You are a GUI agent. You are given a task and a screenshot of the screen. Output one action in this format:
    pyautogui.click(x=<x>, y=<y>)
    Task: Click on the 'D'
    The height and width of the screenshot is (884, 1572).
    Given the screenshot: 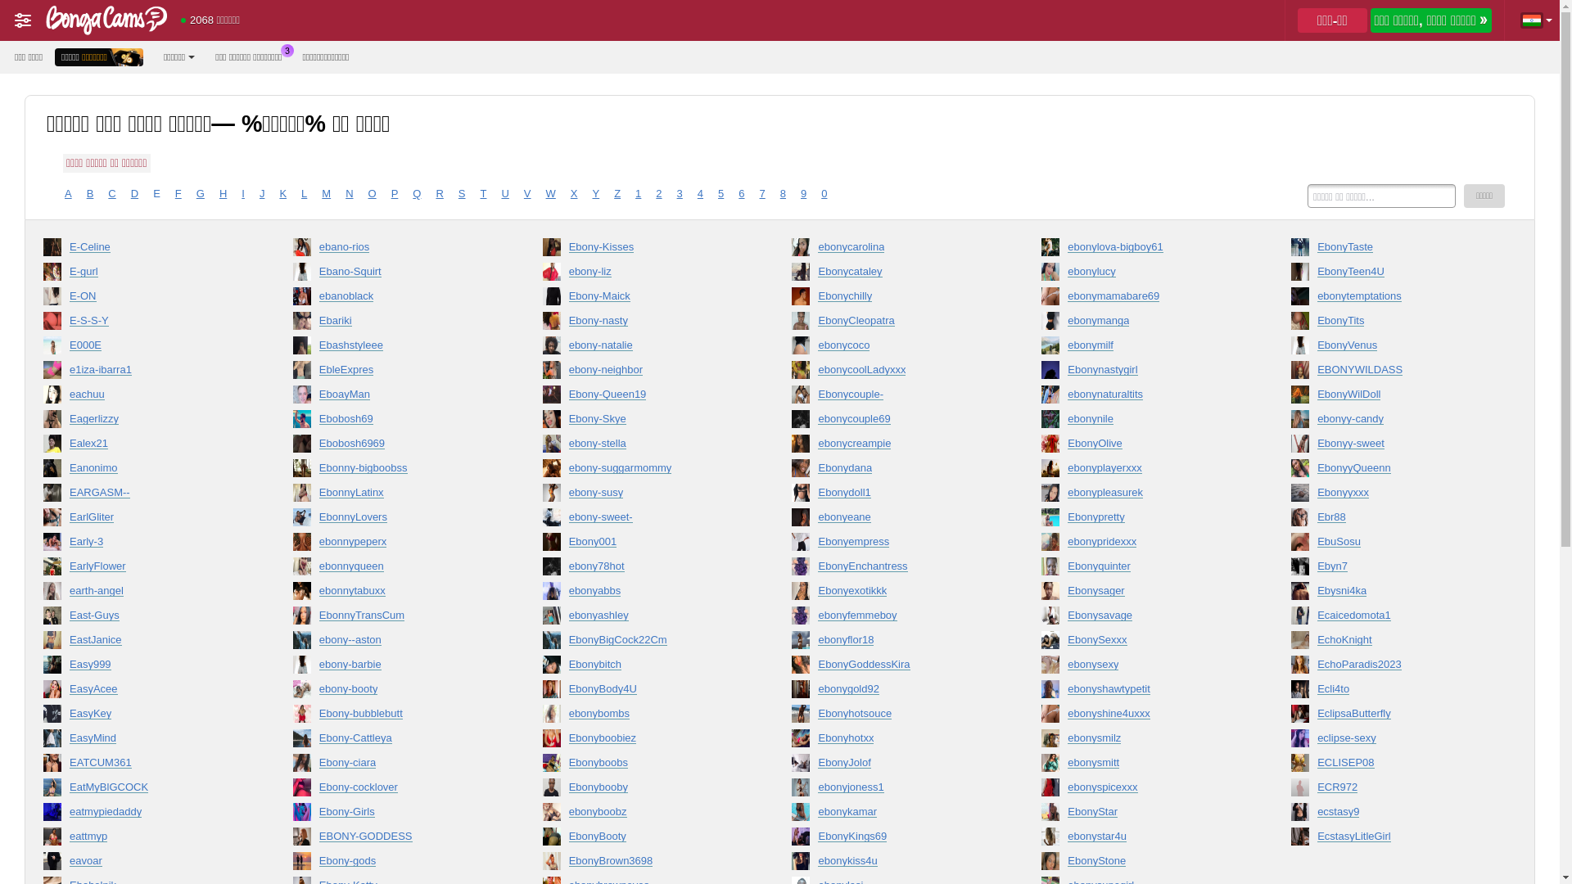 What is the action you would take?
    pyautogui.click(x=134, y=192)
    